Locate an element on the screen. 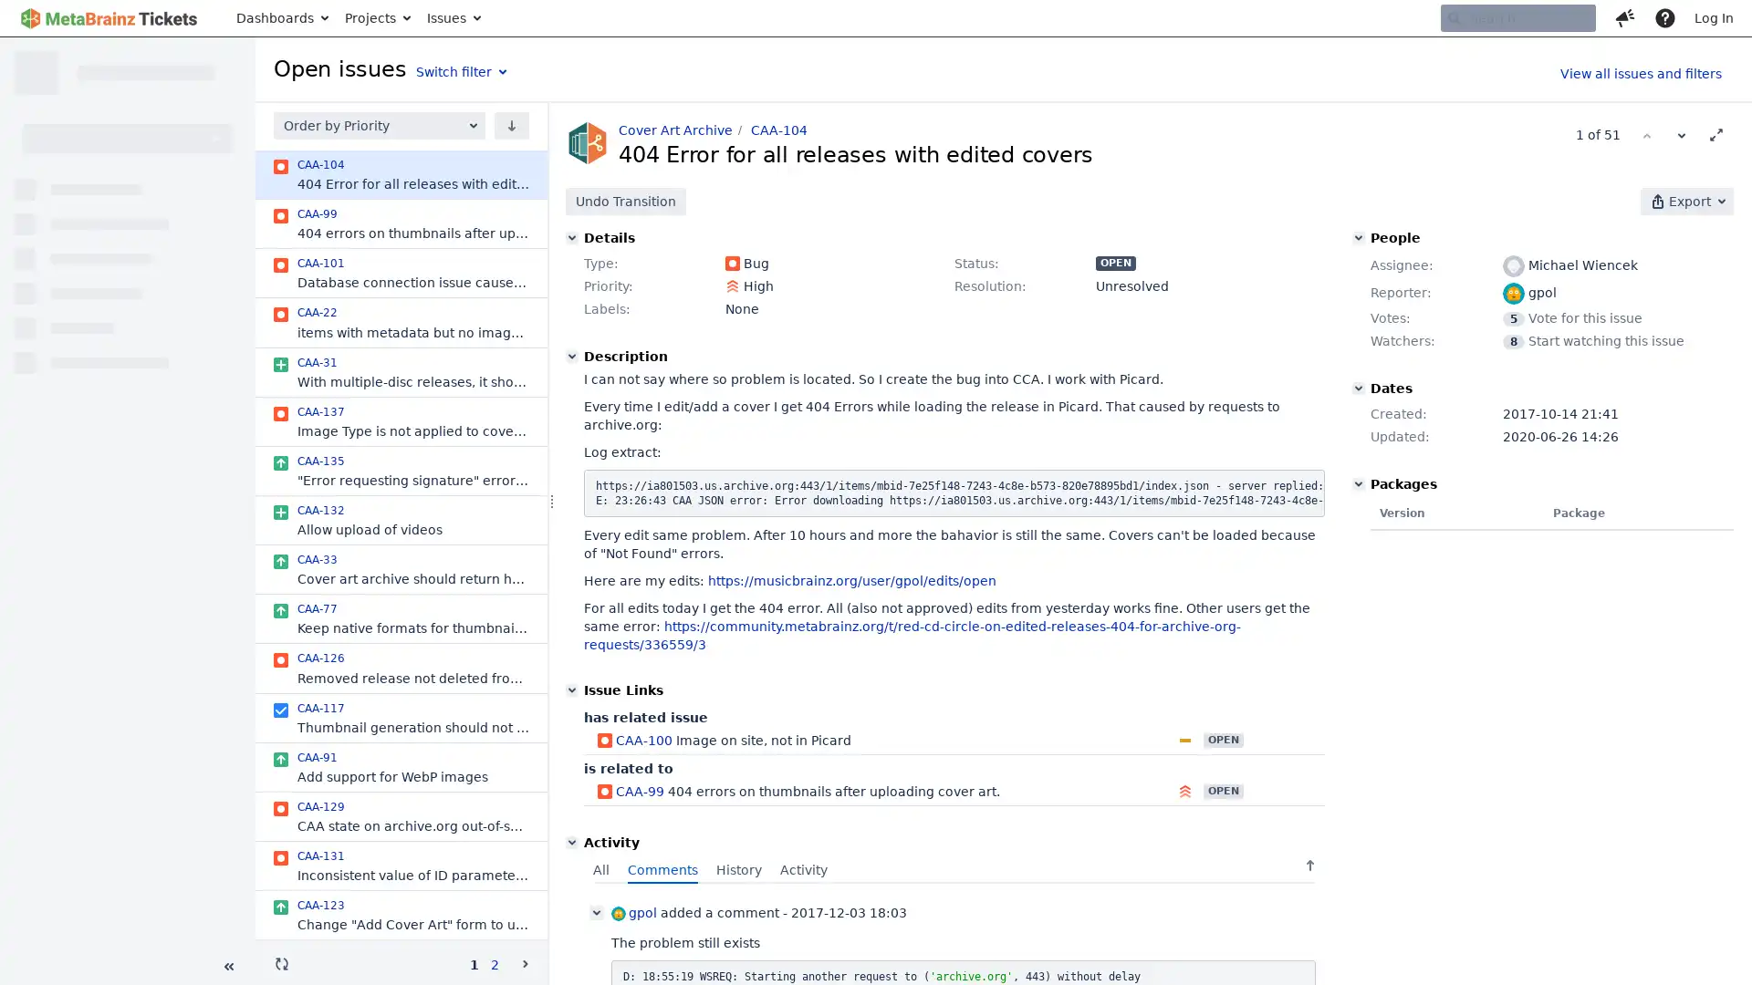 The width and height of the screenshot is (1752, 985). Activity is located at coordinates (571, 843).